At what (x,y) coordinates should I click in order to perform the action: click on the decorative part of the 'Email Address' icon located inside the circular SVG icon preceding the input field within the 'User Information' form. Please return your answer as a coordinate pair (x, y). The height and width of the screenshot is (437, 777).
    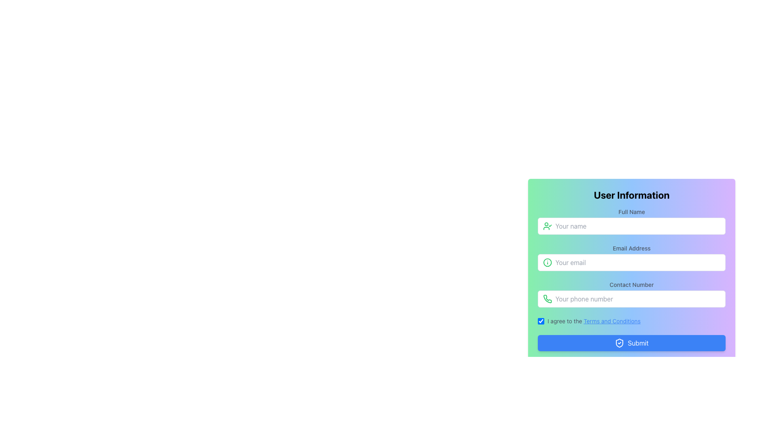
    Looking at the image, I should click on (548, 262).